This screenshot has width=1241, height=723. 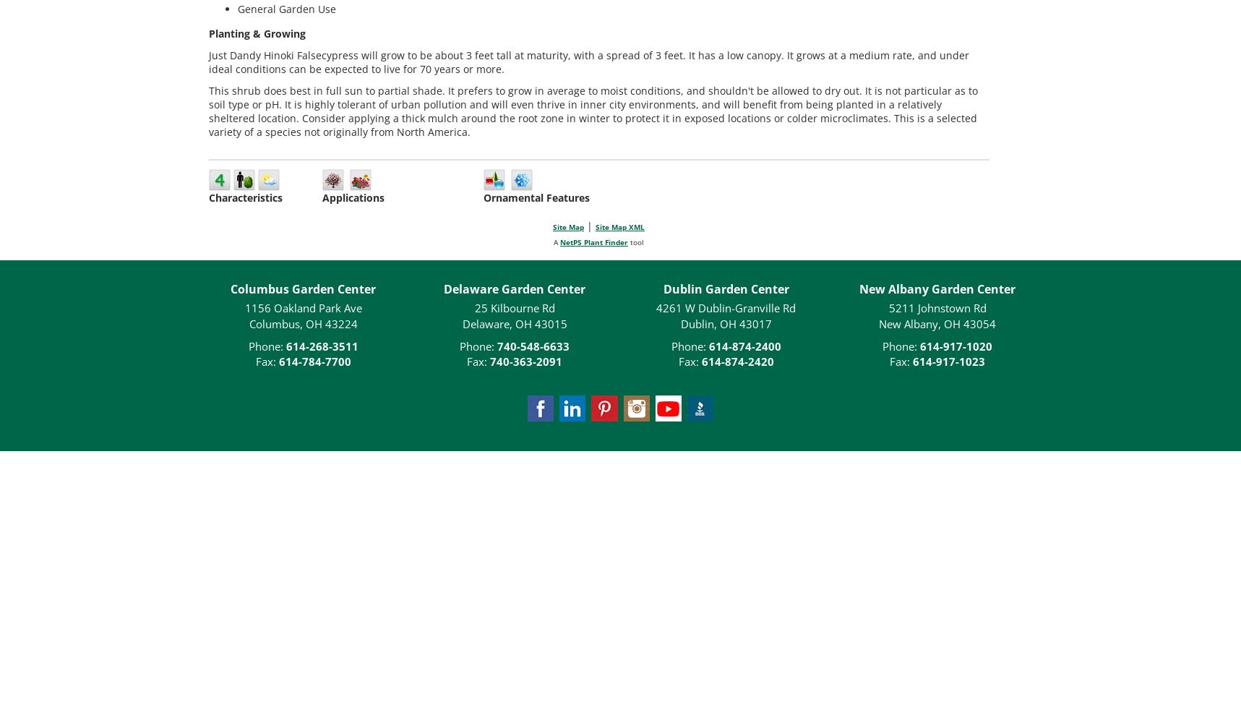 What do you see at coordinates (514, 322) in the screenshot?
I see `'Delaware, OH 43015'` at bounding box center [514, 322].